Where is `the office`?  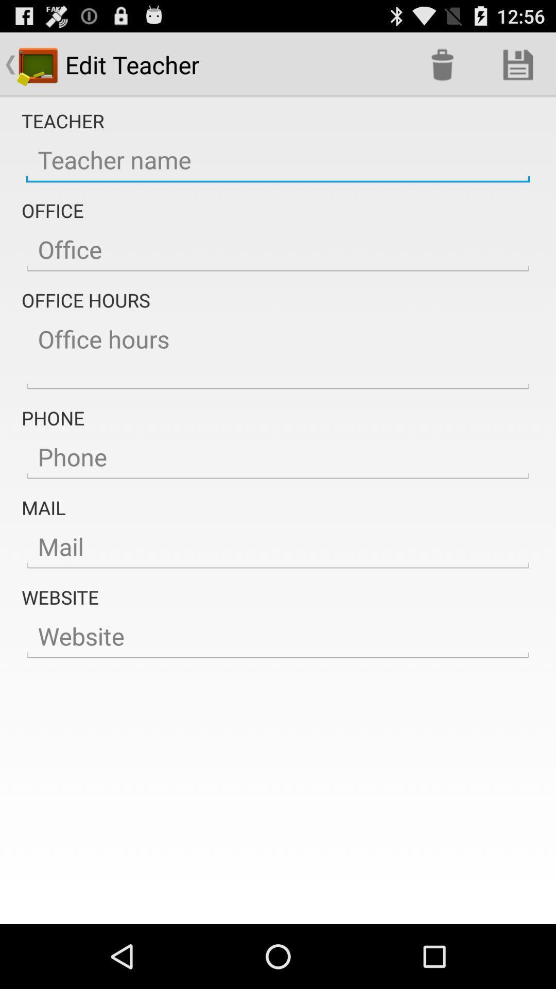 the office is located at coordinates (278, 250).